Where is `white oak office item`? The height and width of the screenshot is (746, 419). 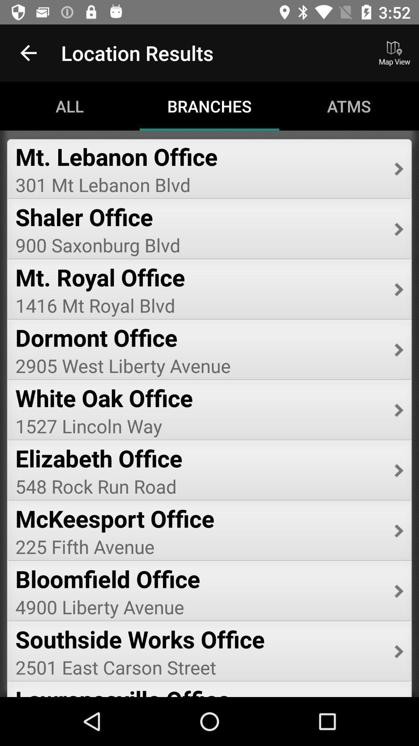 white oak office item is located at coordinates (199, 397).